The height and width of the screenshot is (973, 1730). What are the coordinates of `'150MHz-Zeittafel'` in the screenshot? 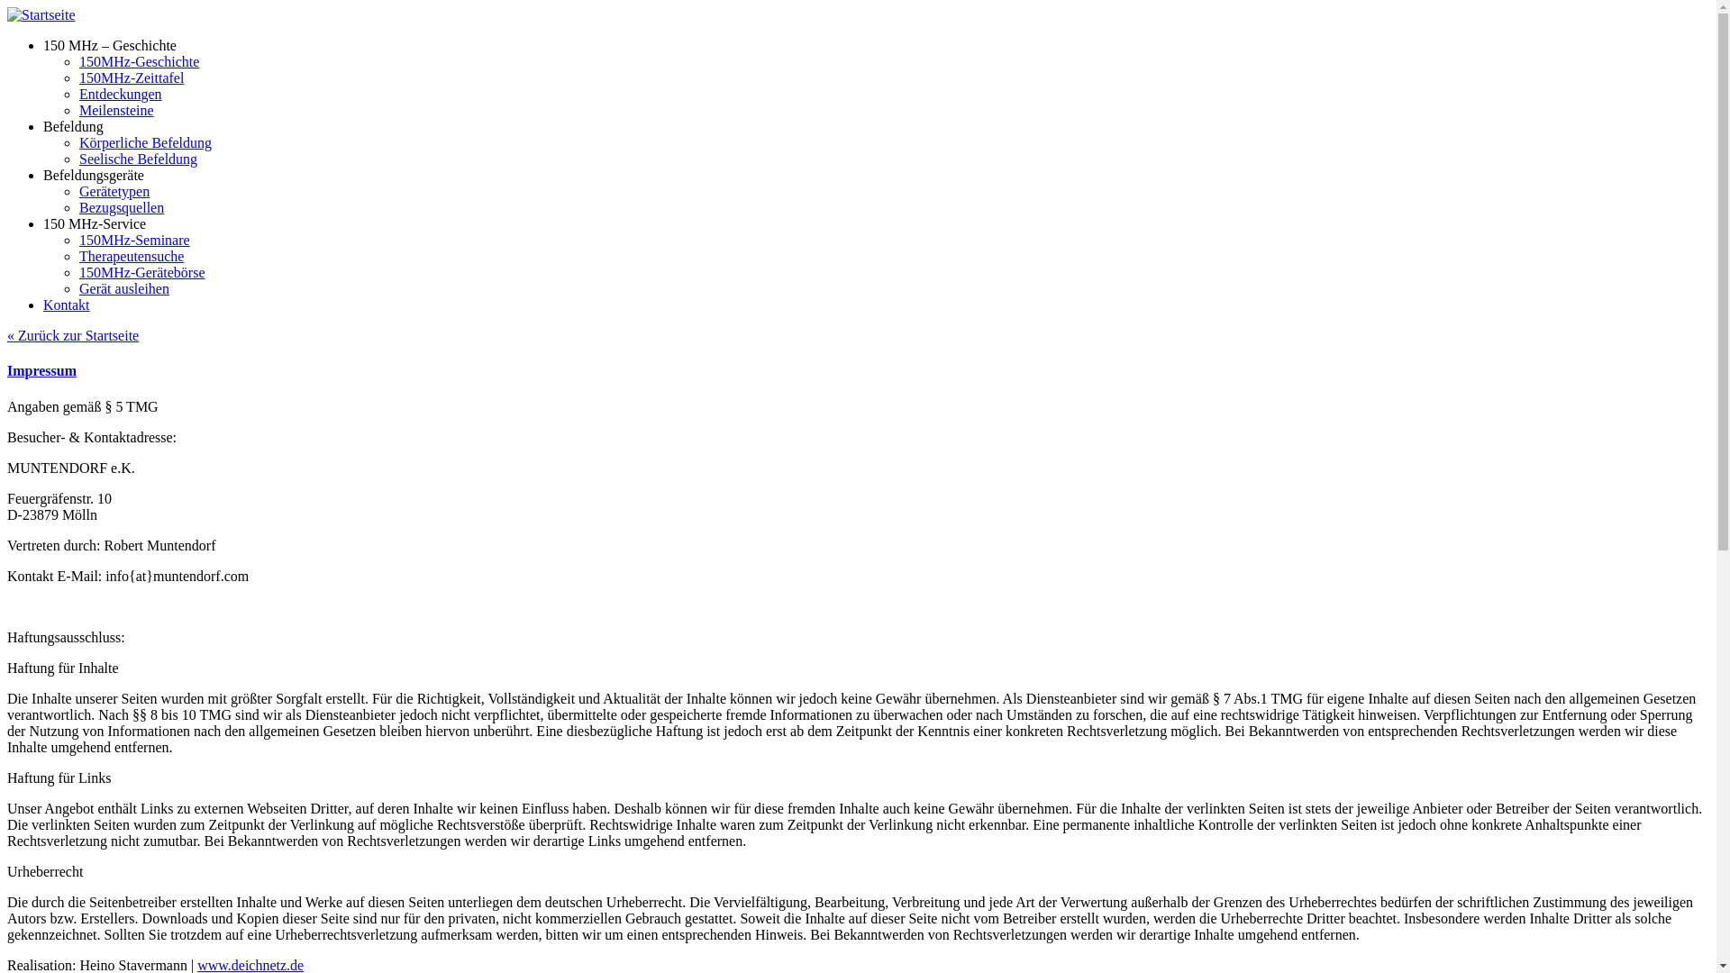 It's located at (130, 77).